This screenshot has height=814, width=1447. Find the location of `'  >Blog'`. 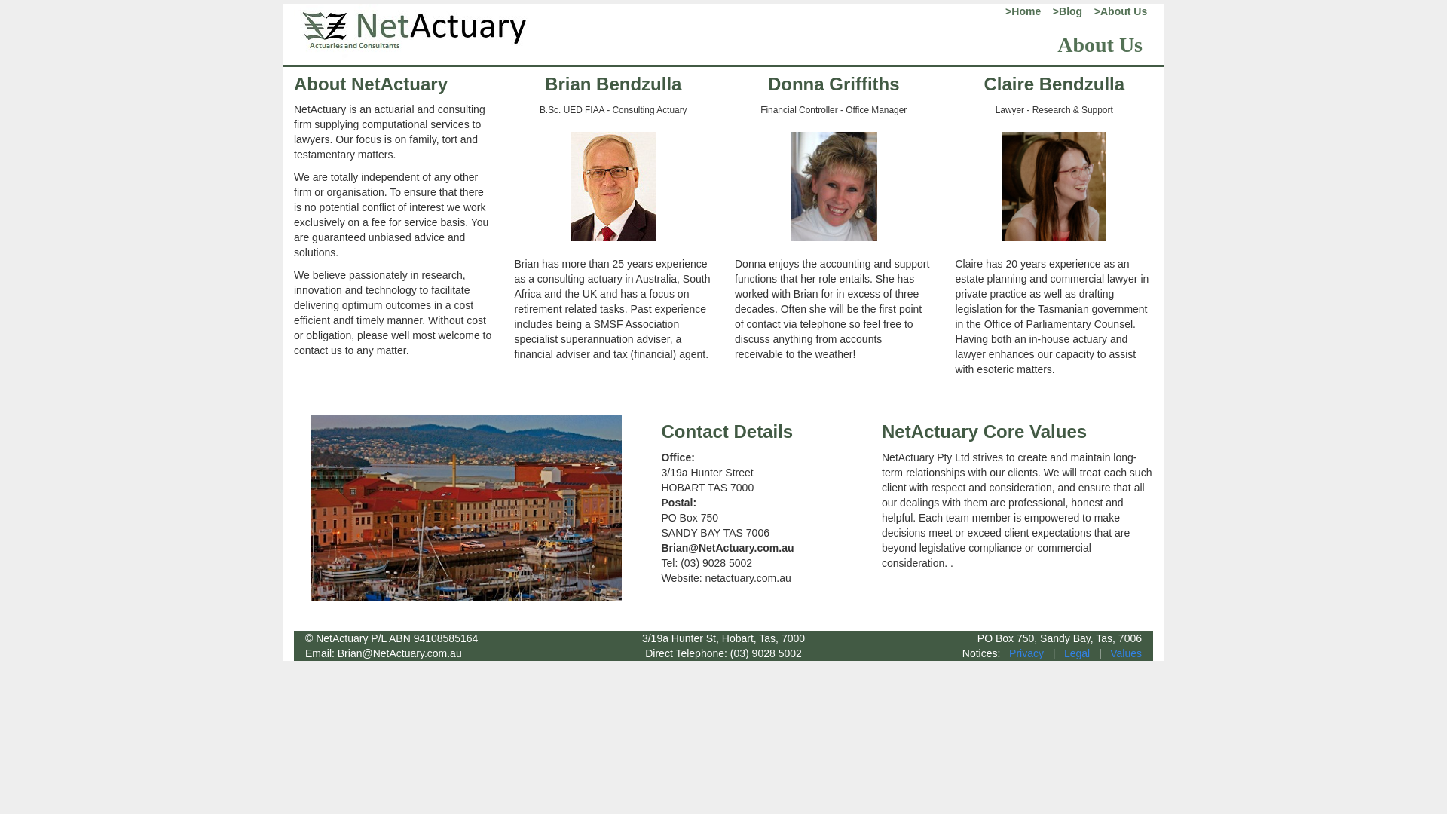

'  >Blog' is located at coordinates (1062, 11).